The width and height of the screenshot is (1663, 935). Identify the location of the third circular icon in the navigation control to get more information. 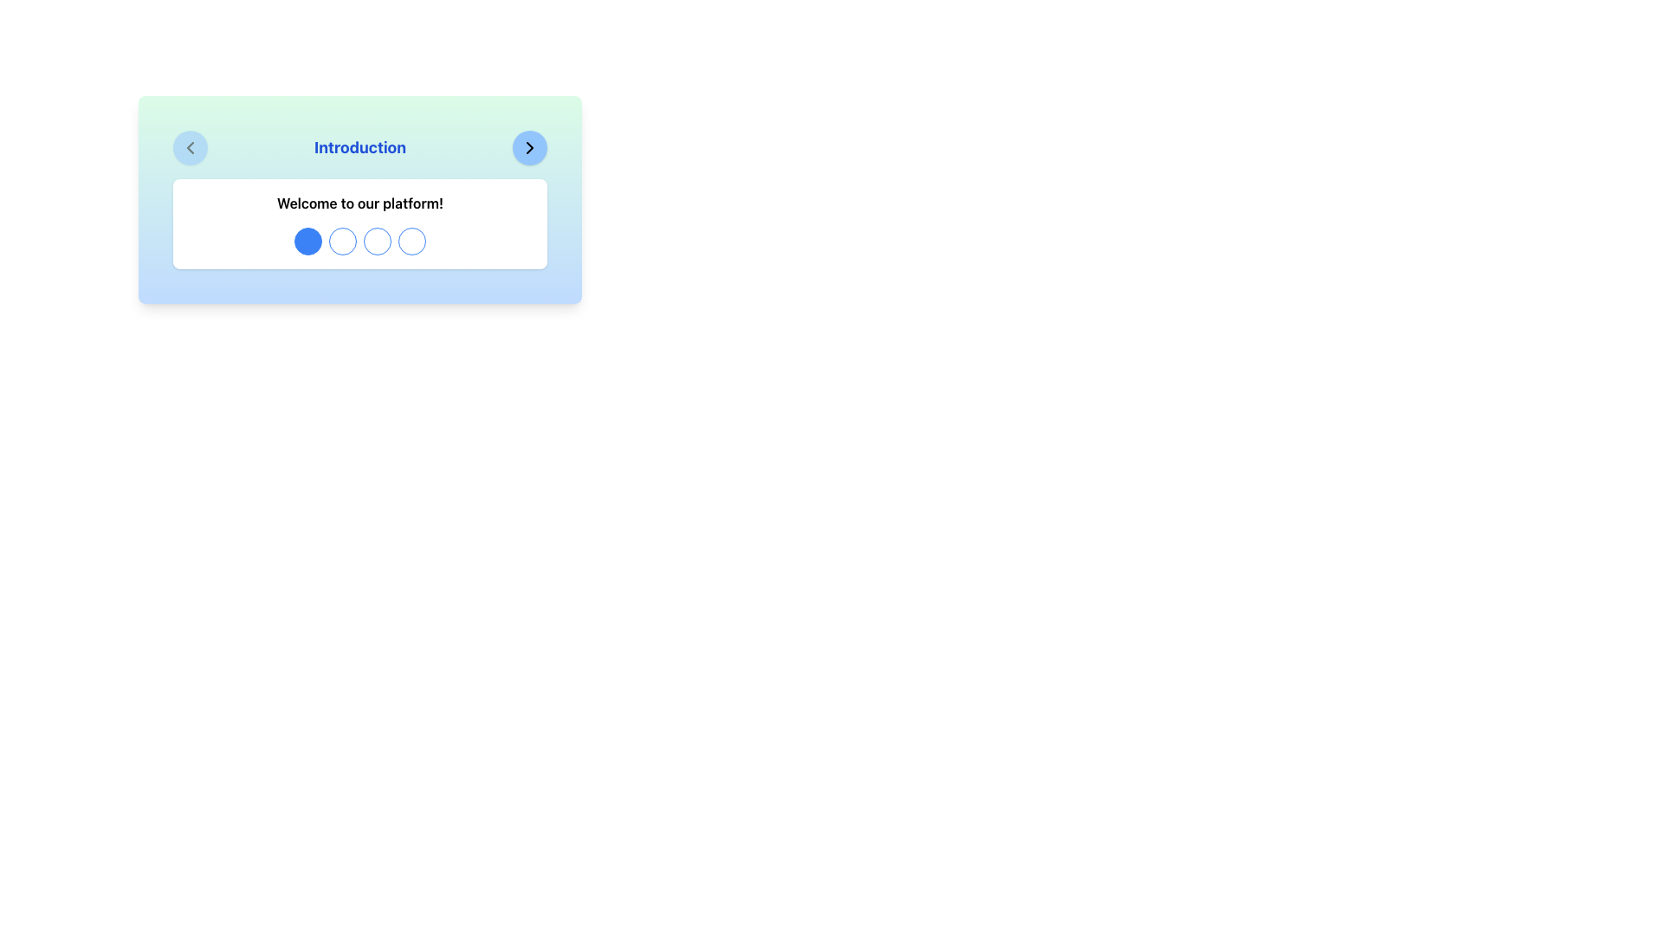
(377, 241).